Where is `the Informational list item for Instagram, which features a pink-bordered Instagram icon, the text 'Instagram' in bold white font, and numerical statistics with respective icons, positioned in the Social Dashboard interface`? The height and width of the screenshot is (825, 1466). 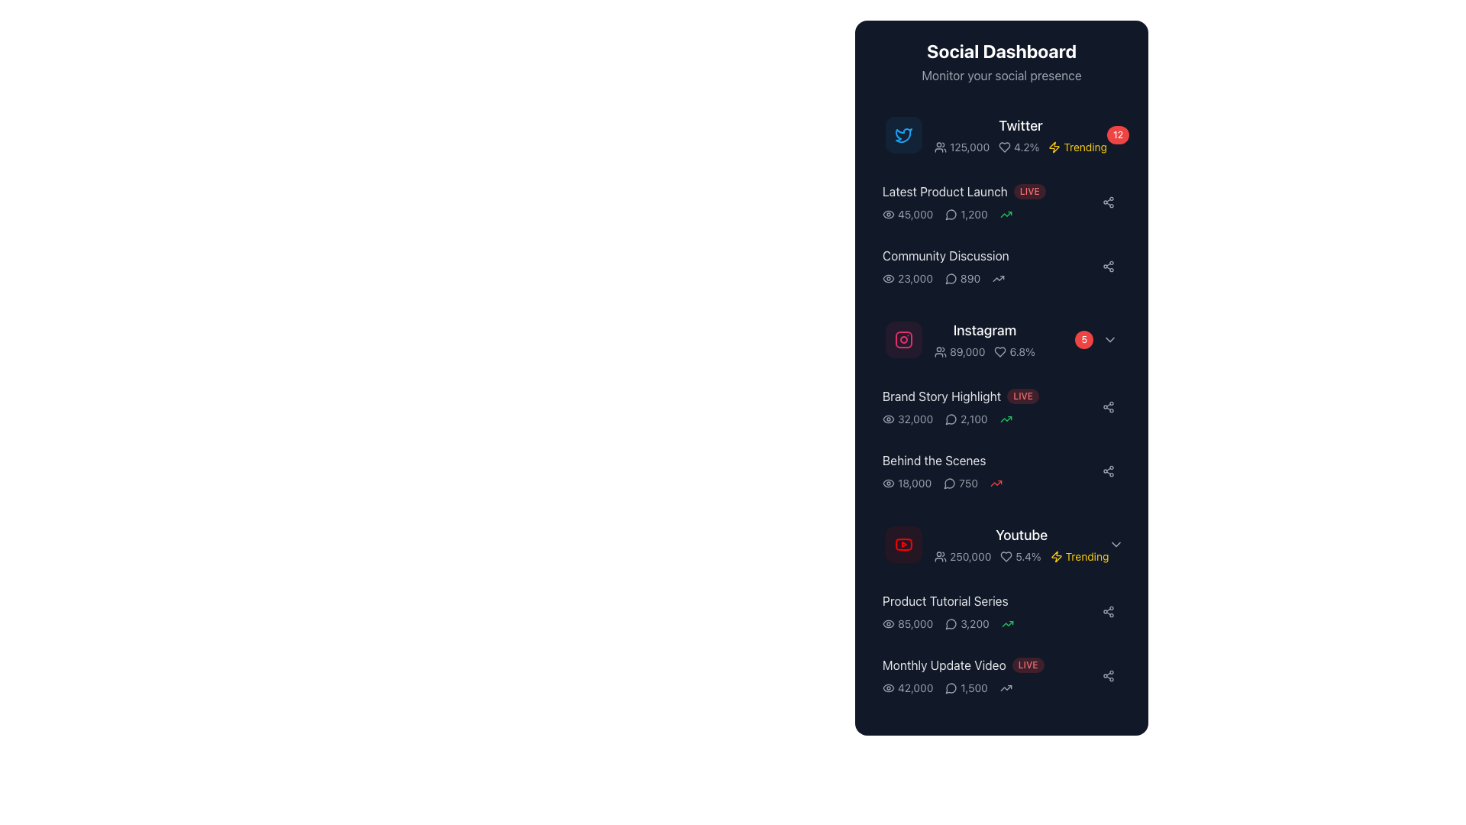
the Informational list item for Instagram, which features a pink-bordered Instagram icon, the text 'Instagram' in bold white font, and numerical statistics with respective icons, positioned in the Social Dashboard interface is located at coordinates (959, 338).